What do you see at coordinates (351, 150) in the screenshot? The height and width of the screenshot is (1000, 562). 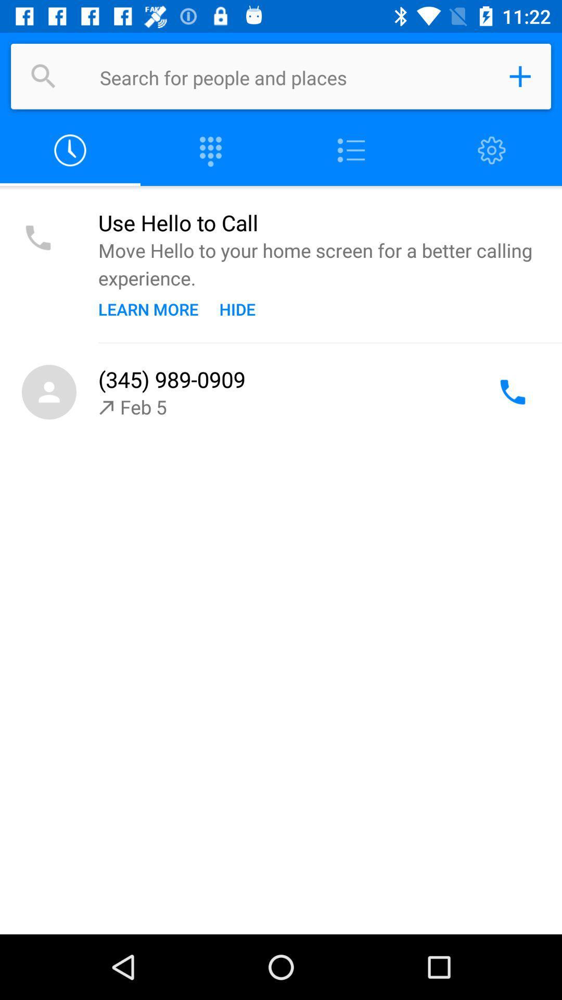 I see `menu options` at bounding box center [351, 150].